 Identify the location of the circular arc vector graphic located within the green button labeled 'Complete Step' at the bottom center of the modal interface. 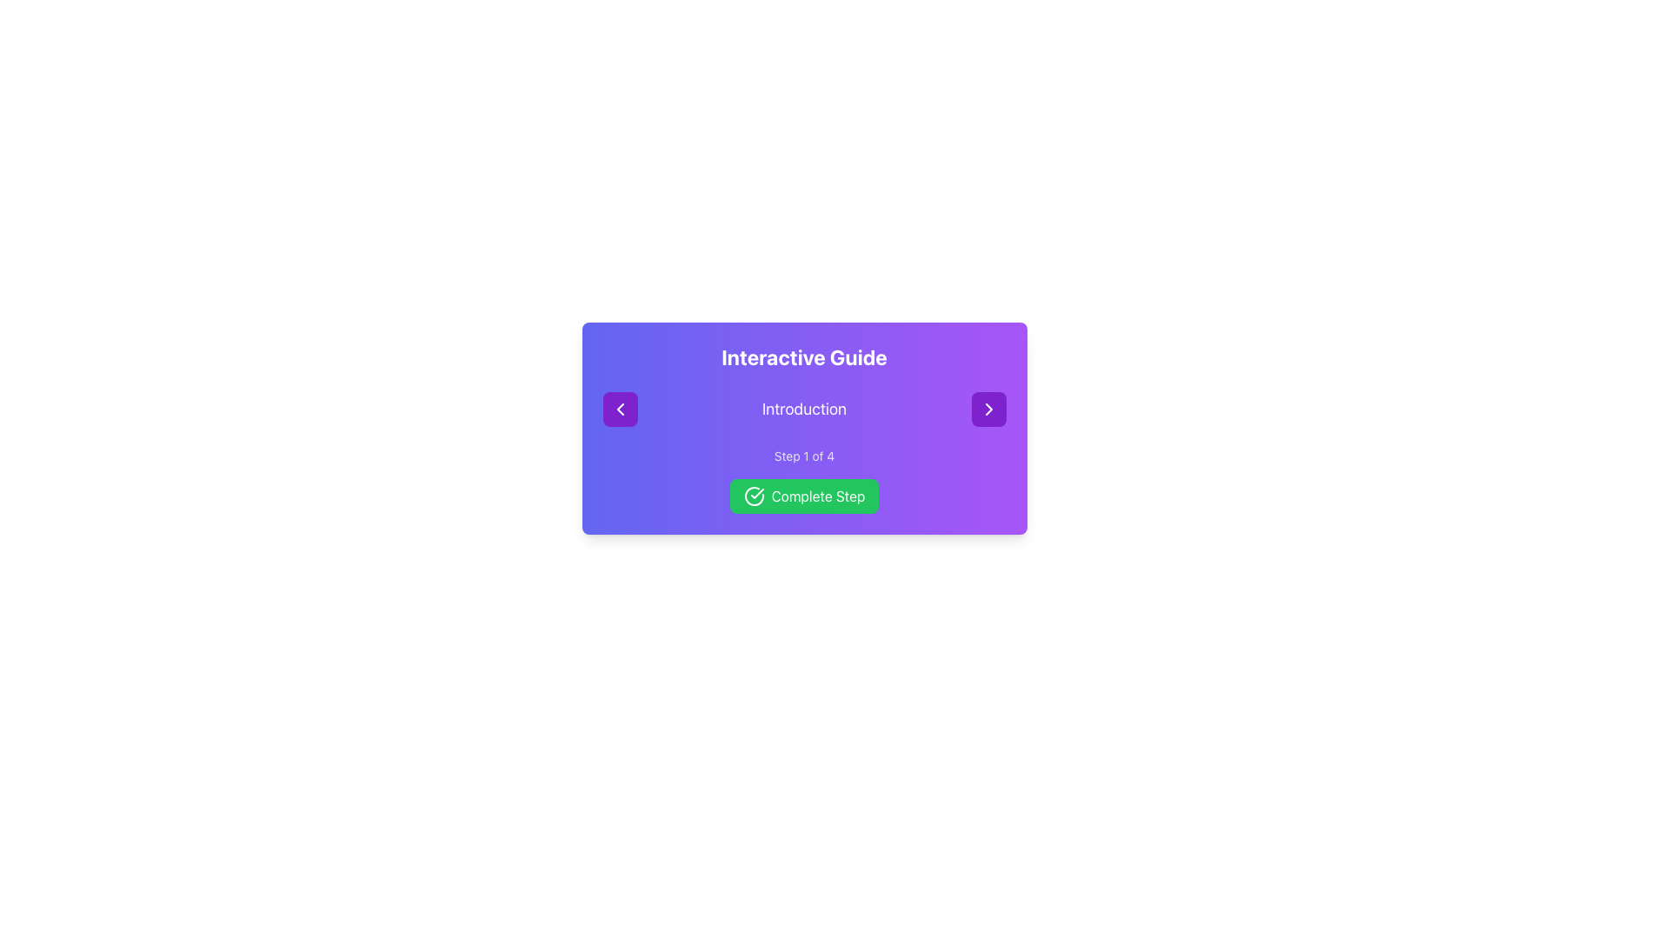
(754, 496).